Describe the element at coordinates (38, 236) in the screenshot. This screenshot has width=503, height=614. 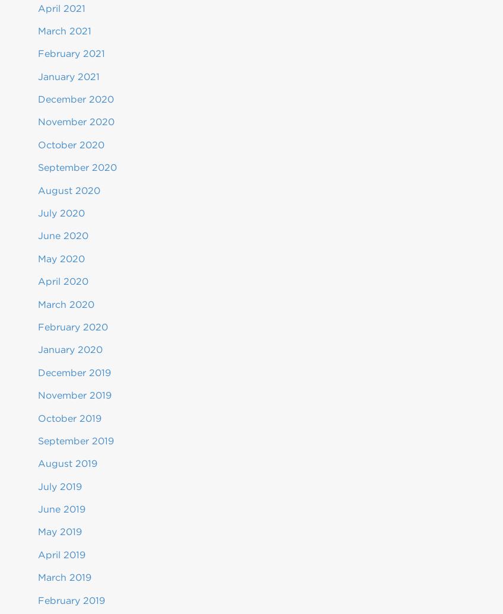
I see `'June 2020'` at that location.